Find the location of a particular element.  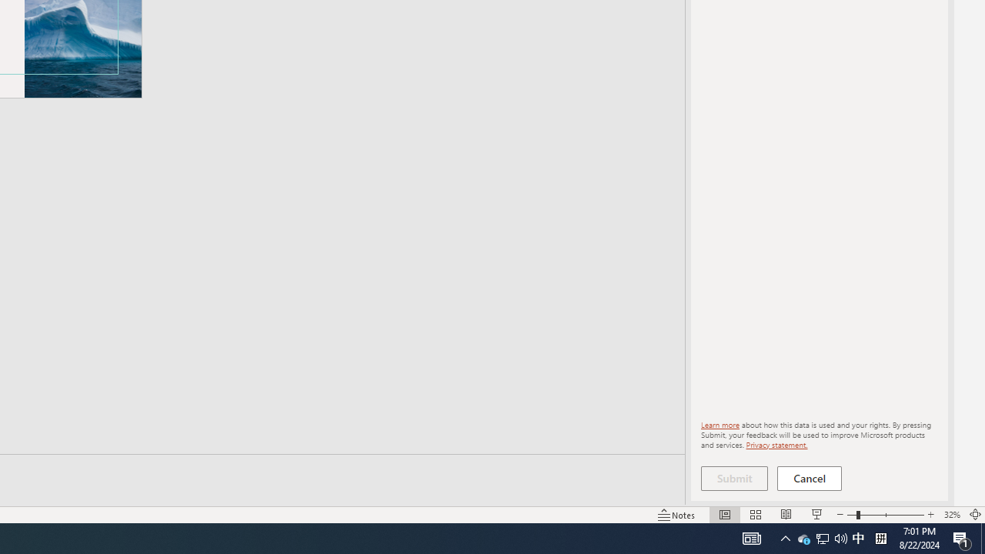

'Zoom' is located at coordinates (885, 515).